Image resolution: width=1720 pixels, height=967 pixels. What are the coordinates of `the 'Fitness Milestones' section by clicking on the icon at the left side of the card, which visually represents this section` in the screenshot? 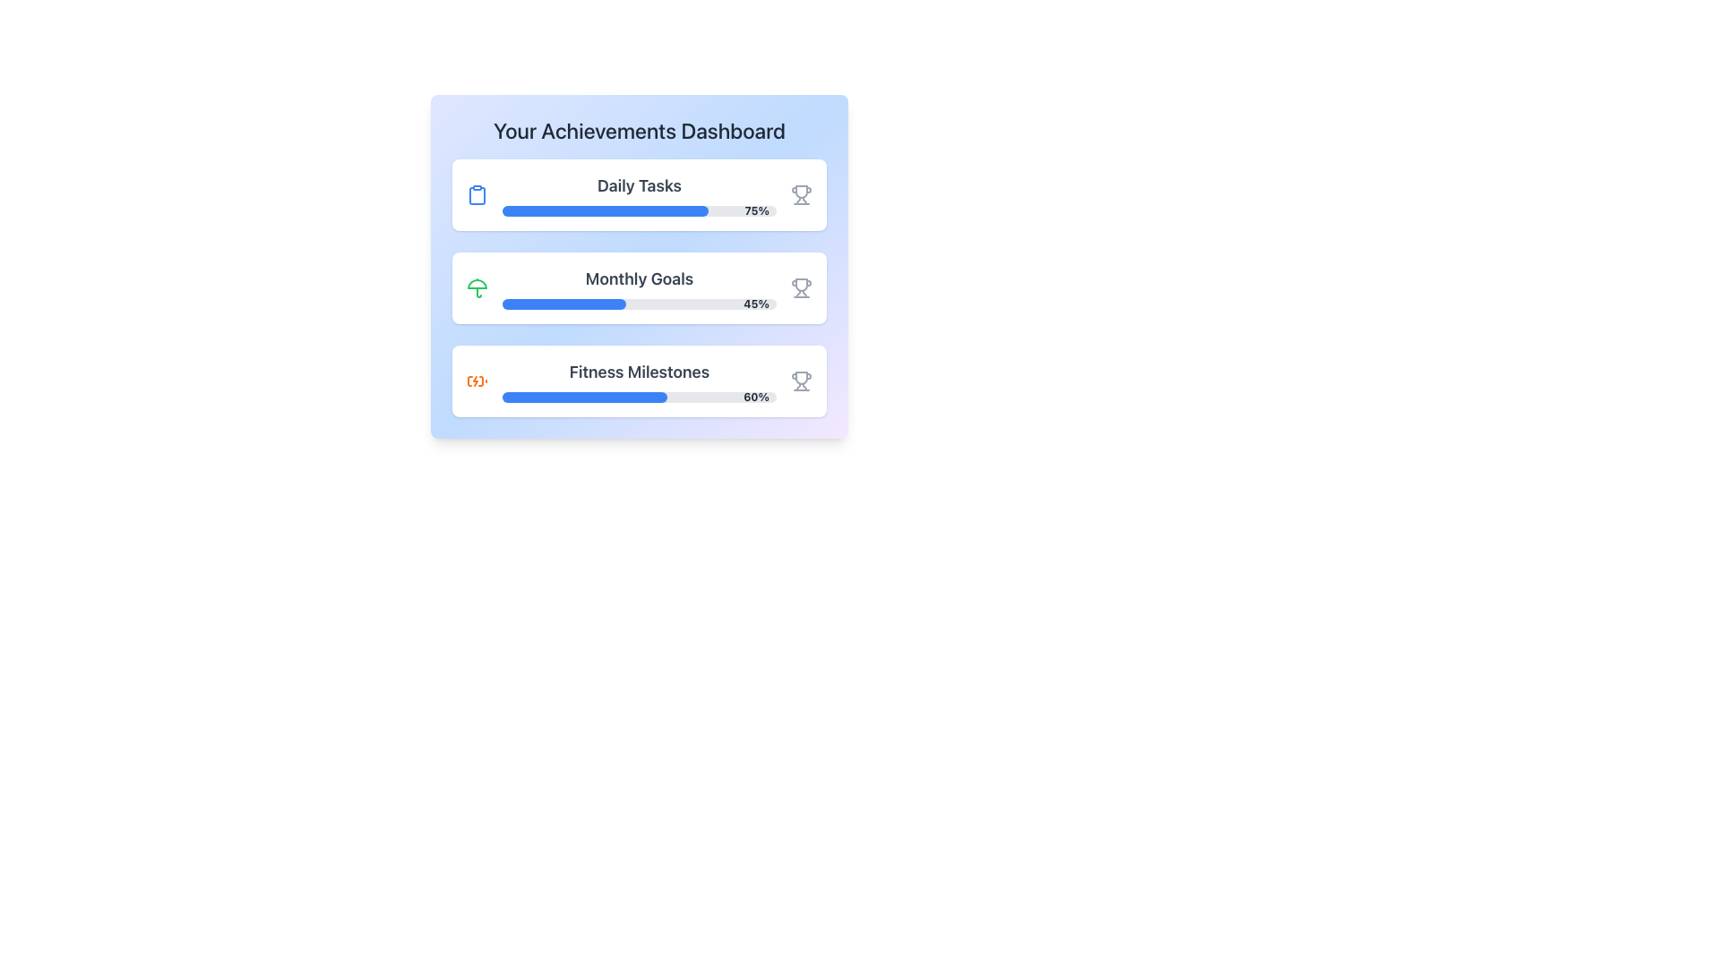 It's located at (477, 380).